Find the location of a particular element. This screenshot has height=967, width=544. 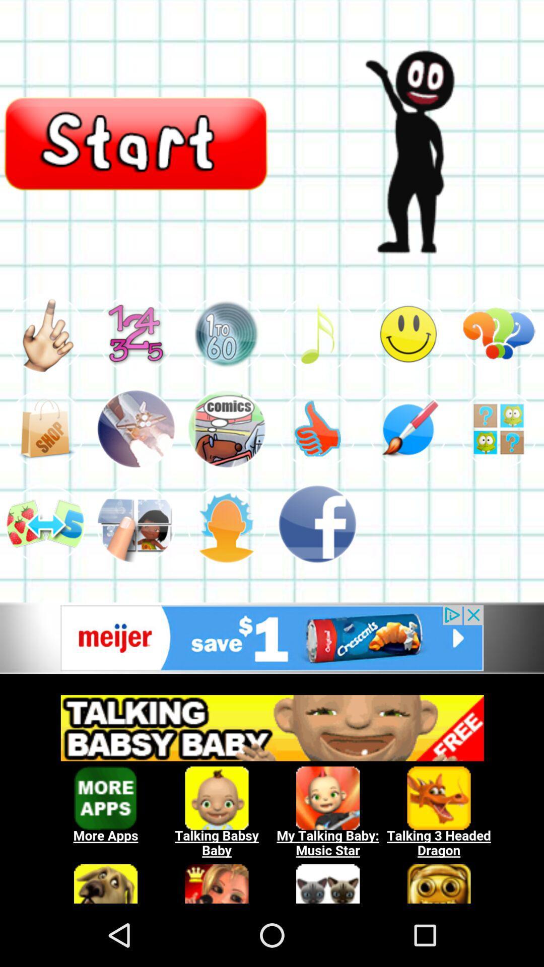

item is located at coordinates (227, 429).